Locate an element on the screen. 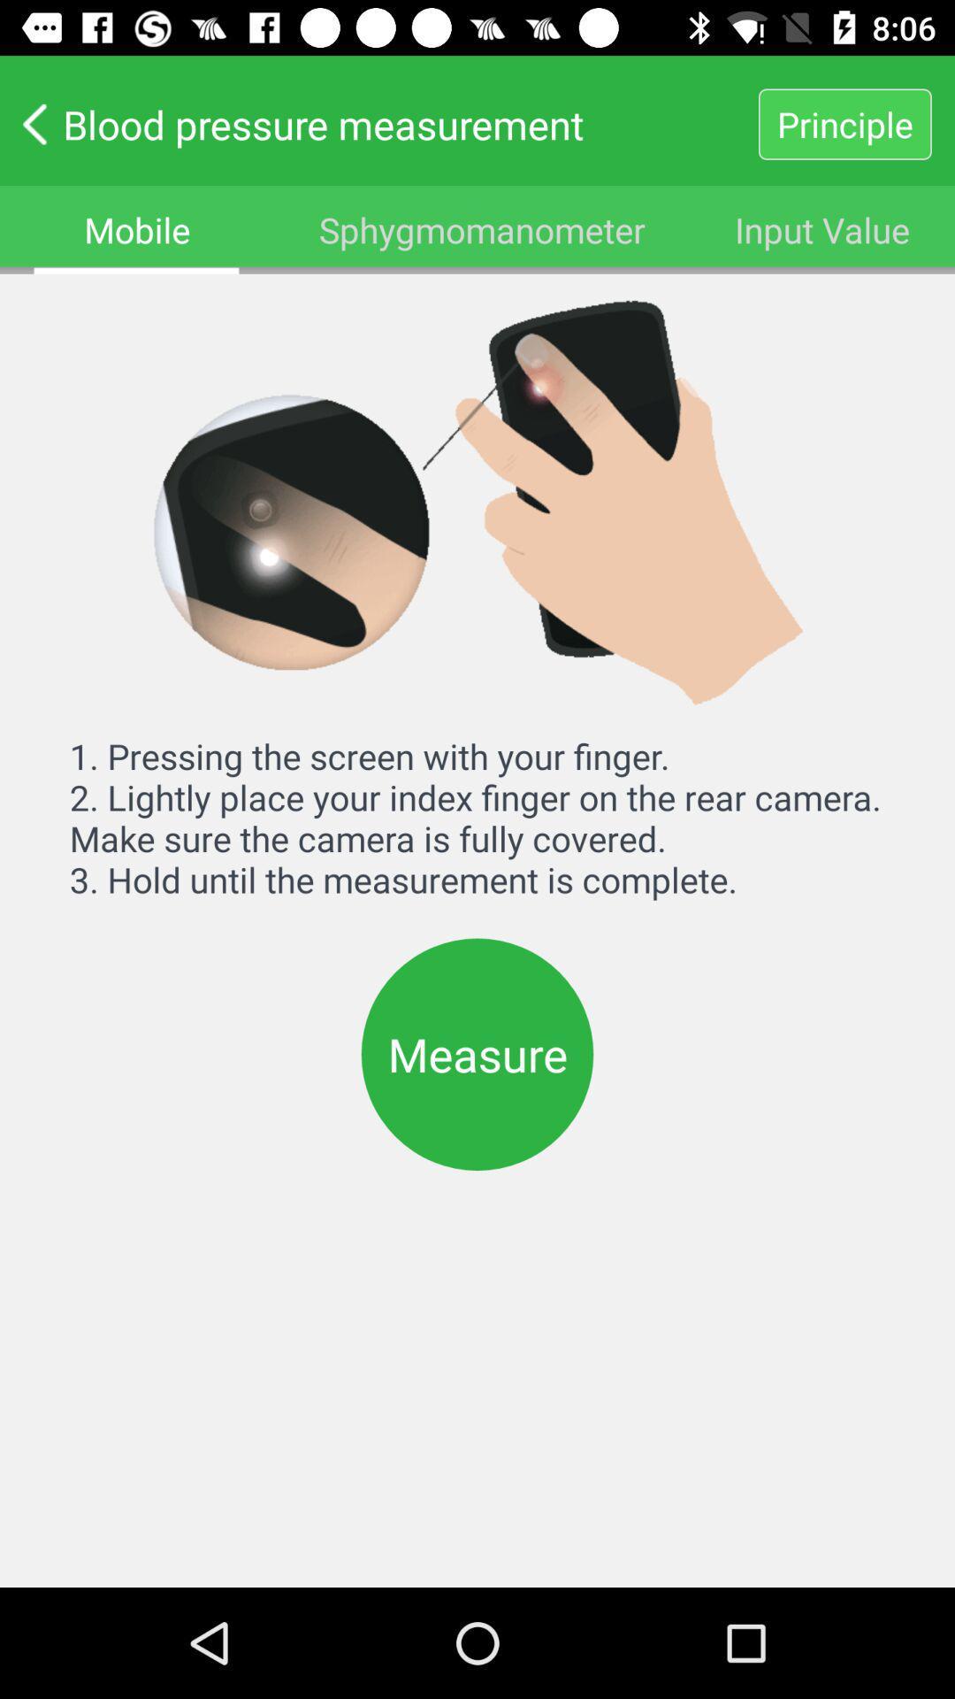  the item above mobile icon is located at coordinates (378, 123).